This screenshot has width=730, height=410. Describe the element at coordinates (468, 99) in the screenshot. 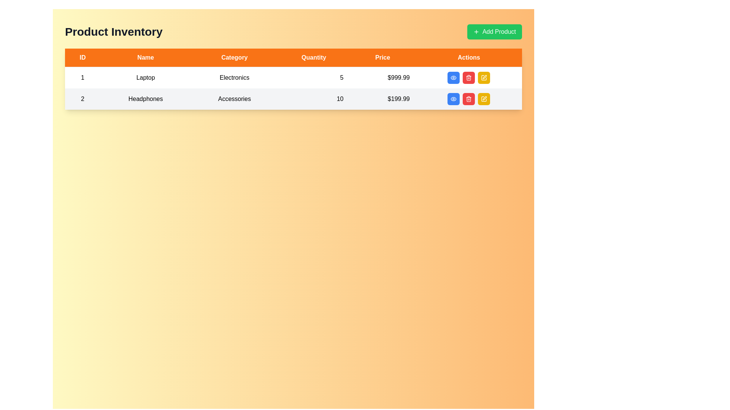

I see `the red rounded rectangle button with a trash bin icon located in the 'Actions' column next to the second row of data` at that location.